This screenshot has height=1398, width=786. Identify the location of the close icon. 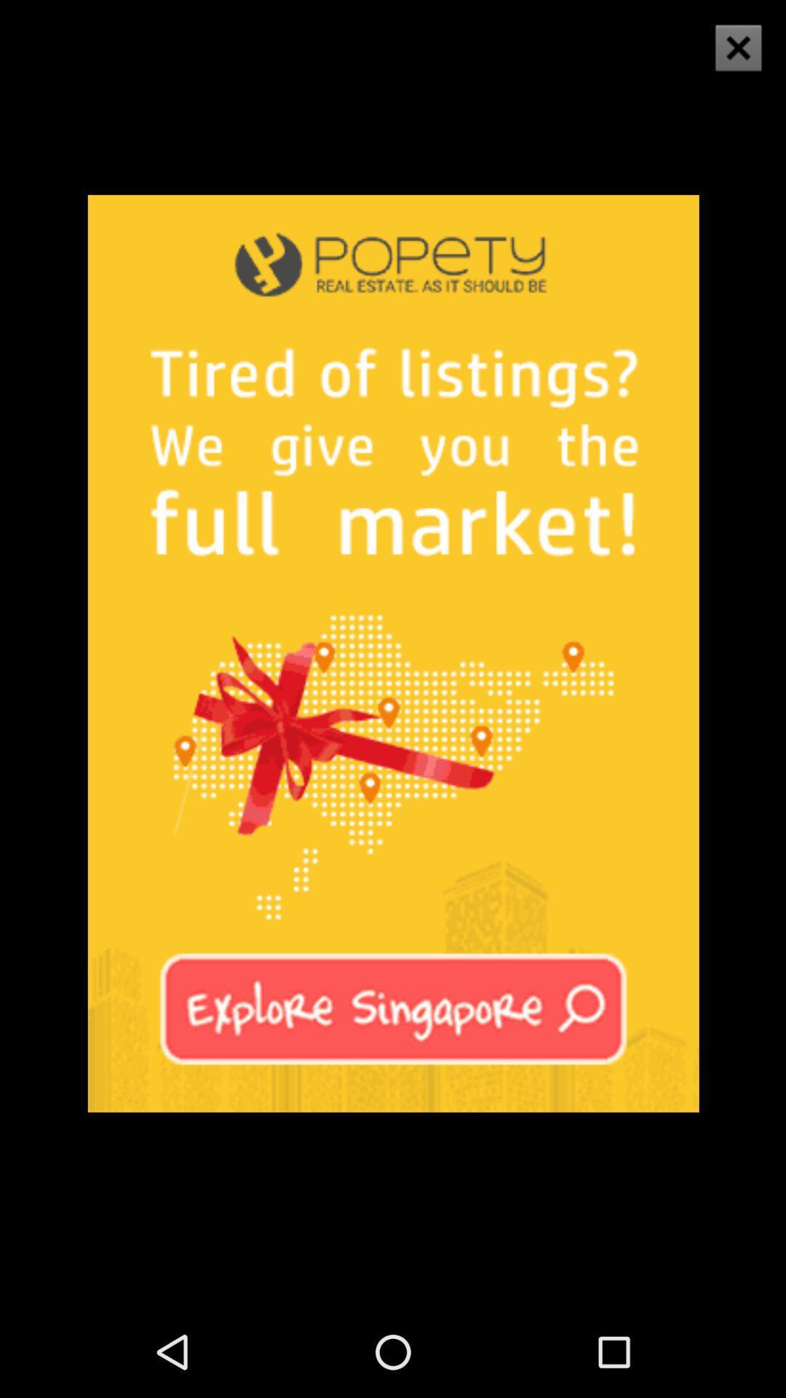
(738, 51).